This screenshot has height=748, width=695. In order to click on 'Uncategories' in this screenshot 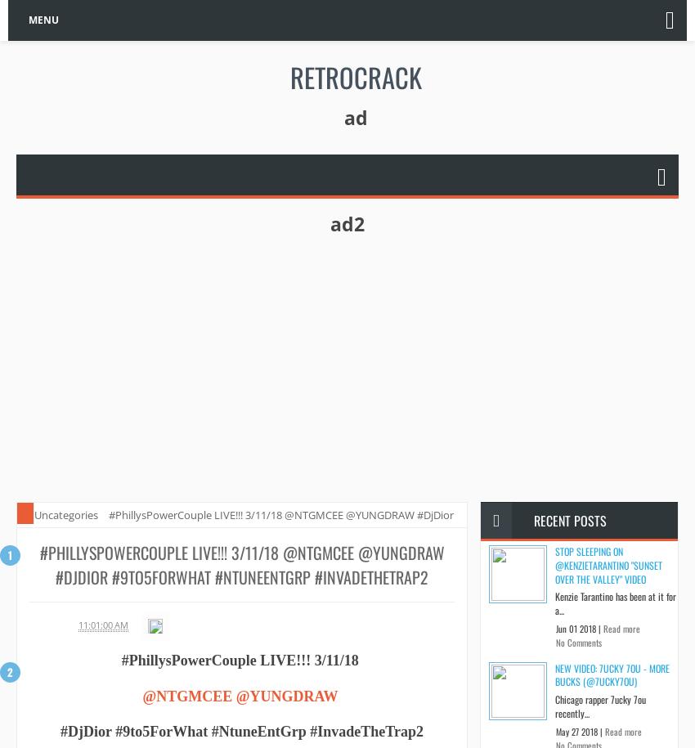, I will do `click(33, 514)`.